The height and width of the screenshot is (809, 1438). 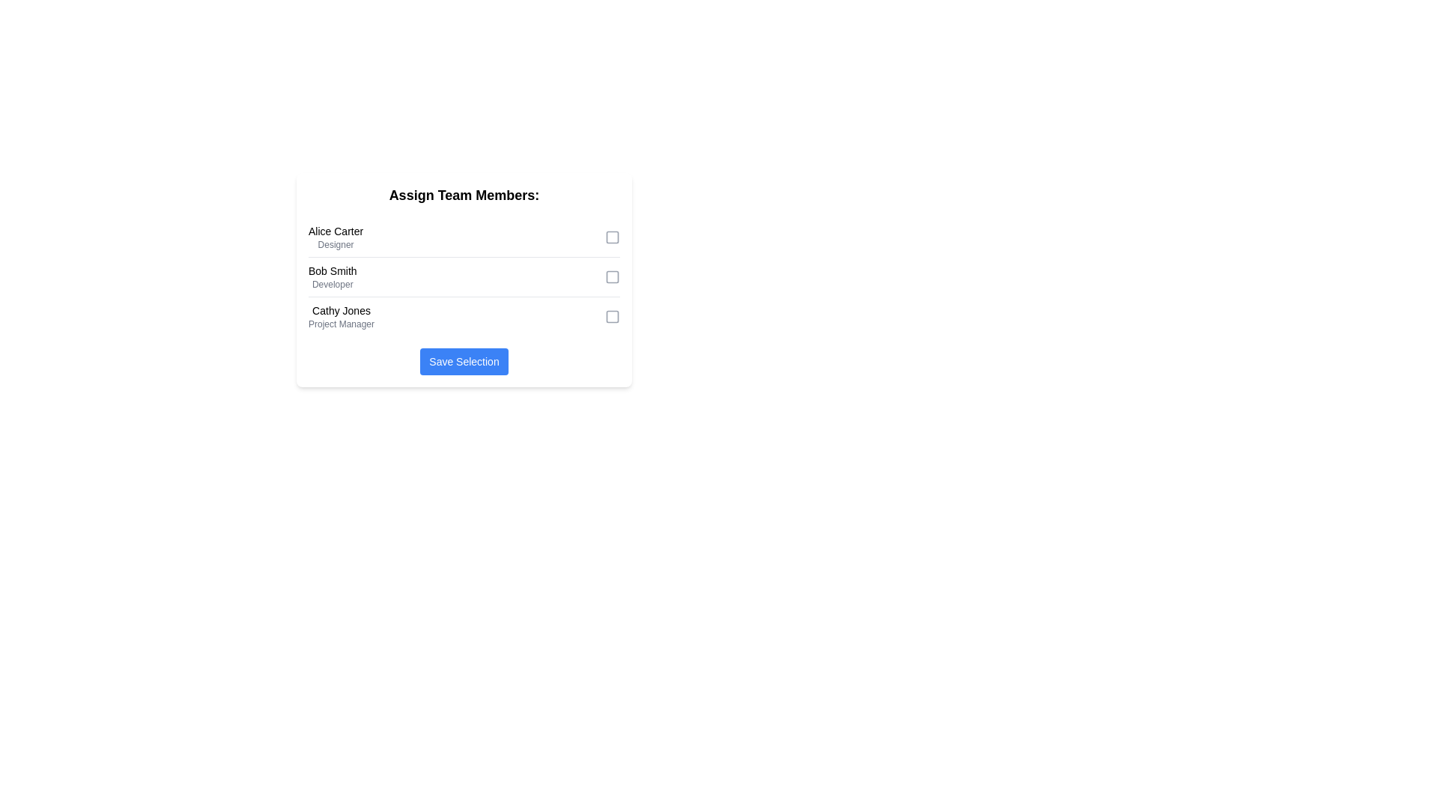 What do you see at coordinates (335, 236) in the screenshot?
I see `the Text display that shows the name and role of a team member in the first row of the list under 'Assign Team Members:'` at bounding box center [335, 236].